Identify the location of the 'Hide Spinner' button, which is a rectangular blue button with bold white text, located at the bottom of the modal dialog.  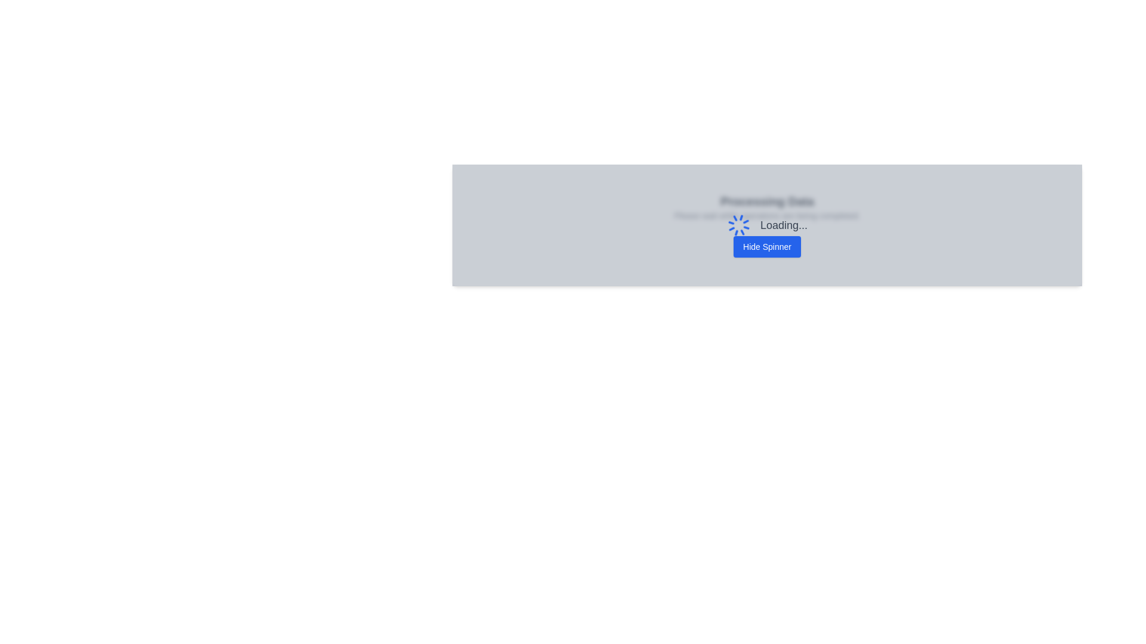
(767, 246).